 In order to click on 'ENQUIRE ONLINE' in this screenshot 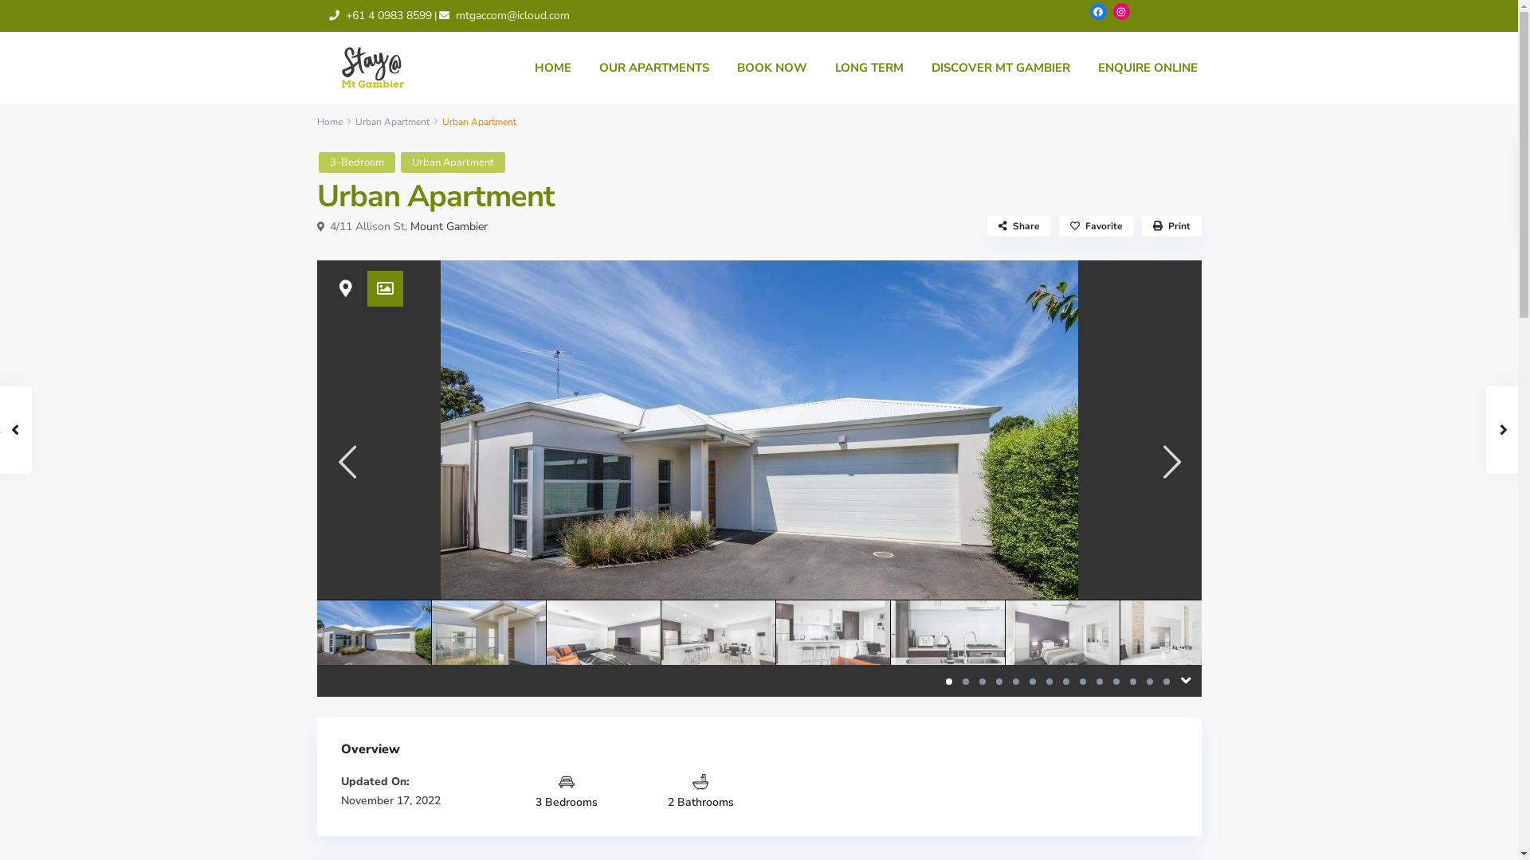, I will do `click(1085, 66)`.